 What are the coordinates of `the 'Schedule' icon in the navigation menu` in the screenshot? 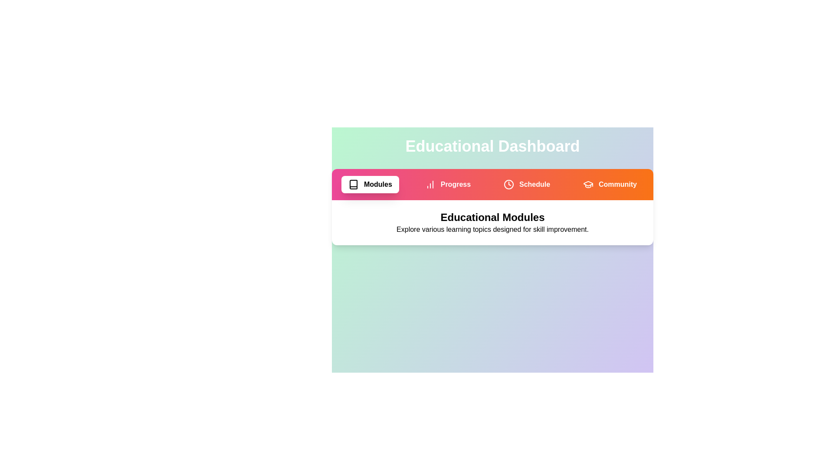 It's located at (508, 184).